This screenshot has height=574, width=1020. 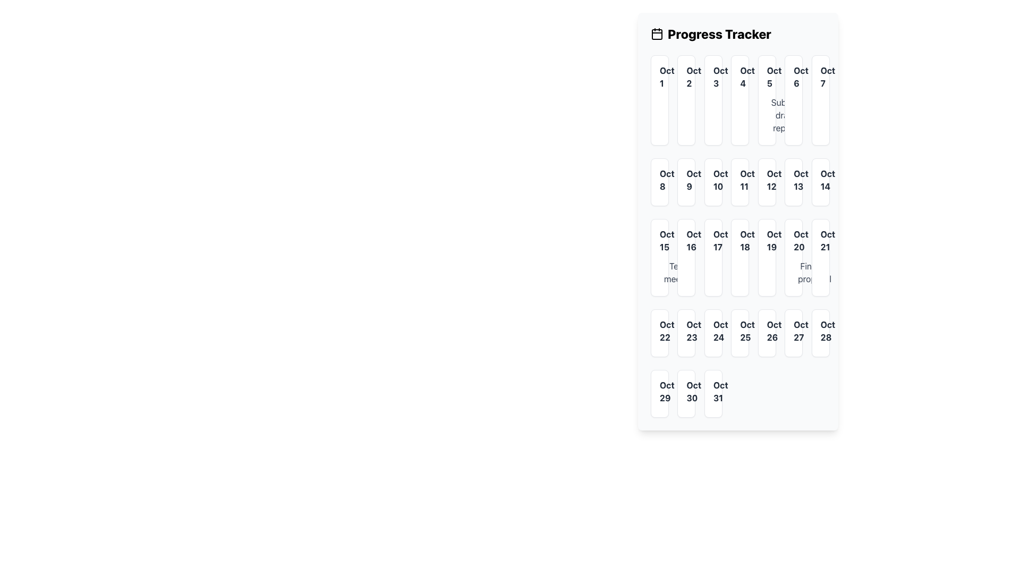 What do you see at coordinates (773, 115) in the screenshot?
I see `the green checkmark icon that indicates completion, located to the left of the 'Submit report' text` at bounding box center [773, 115].